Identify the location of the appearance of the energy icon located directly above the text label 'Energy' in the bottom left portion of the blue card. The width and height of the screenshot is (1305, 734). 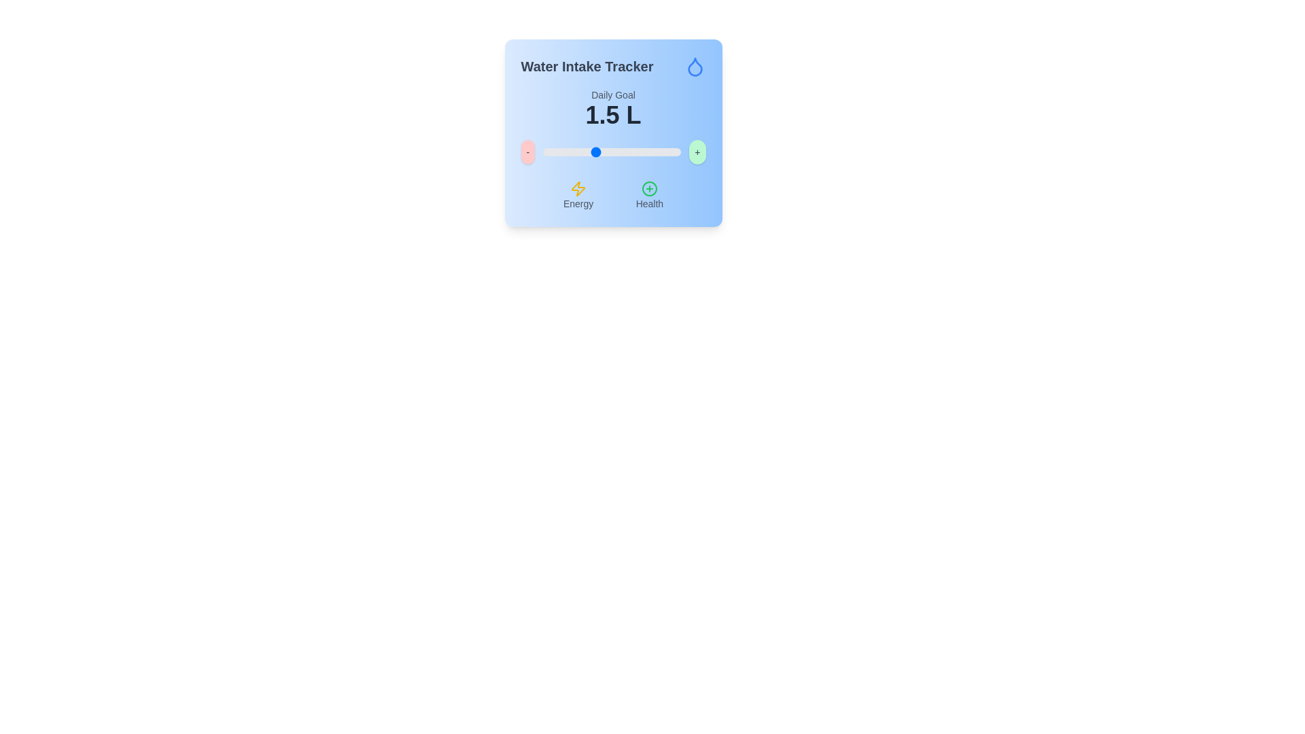
(578, 188).